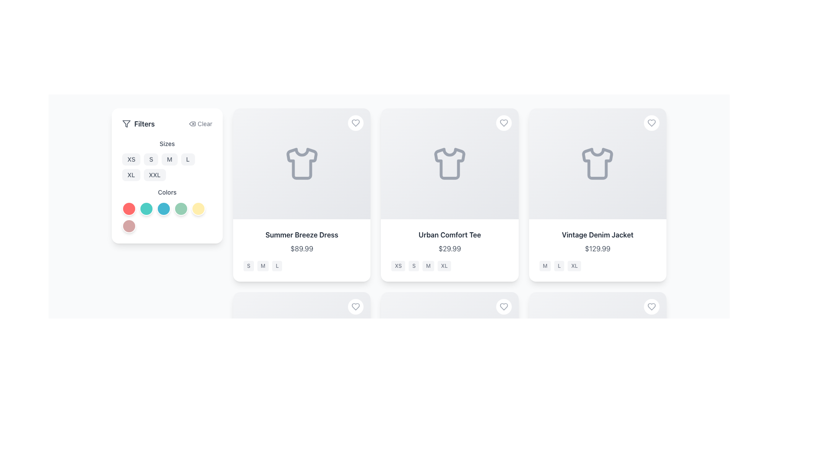 Image resolution: width=832 pixels, height=468 pixels. What do you see at coordinates (276, 449) in the screenshot?
I see `the 'L' size indicator badge, which indicates the availability of the 'L' size for the product, positioned third in a horizontal arrangement of size indicators` at bounding box center [276, 449].